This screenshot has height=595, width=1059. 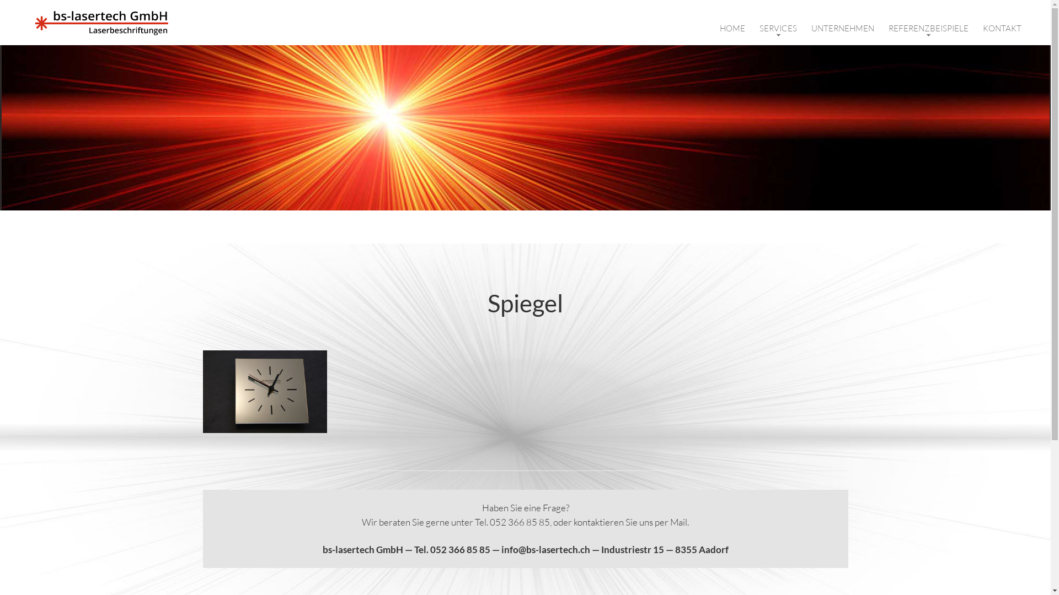 What do you see at coordinates (778, 28) in the screenshot?
I see `'SERVICES'` at bounding box center [778, 28].